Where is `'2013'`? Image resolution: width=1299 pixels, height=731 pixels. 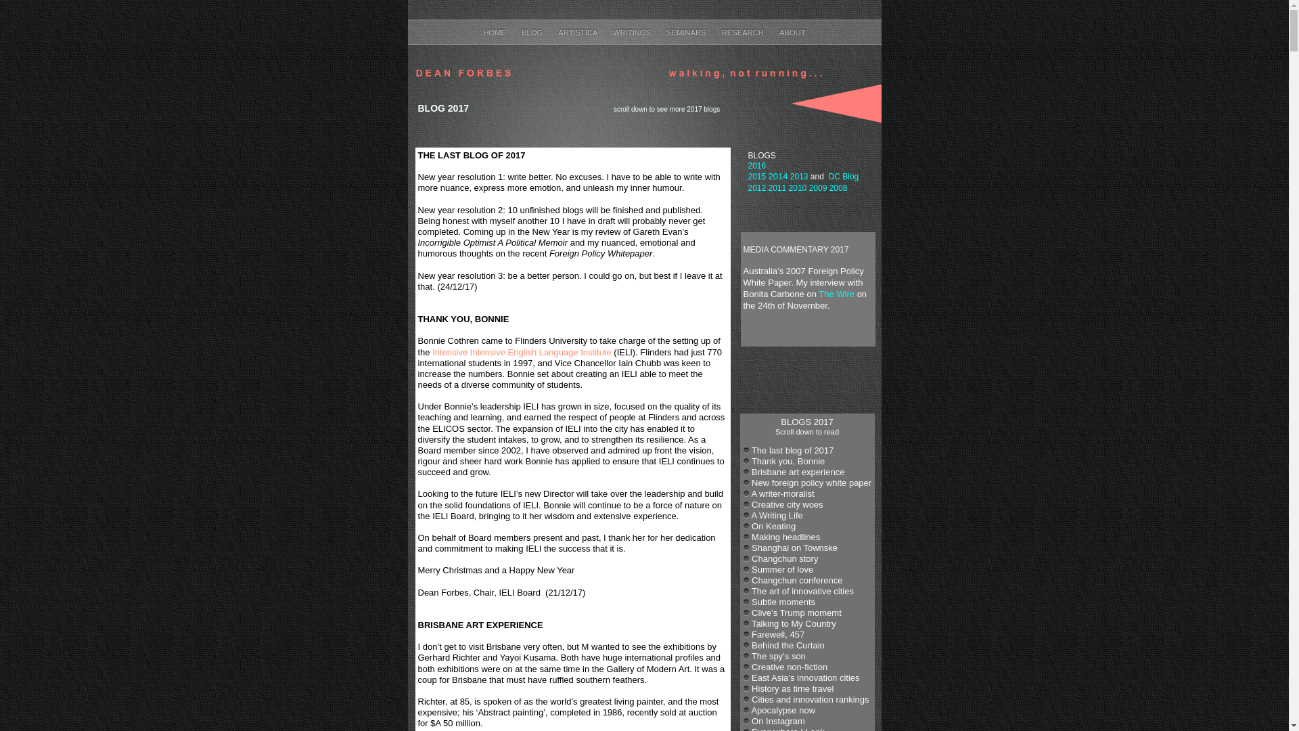
'2013' is located at coordinates (799, 176).